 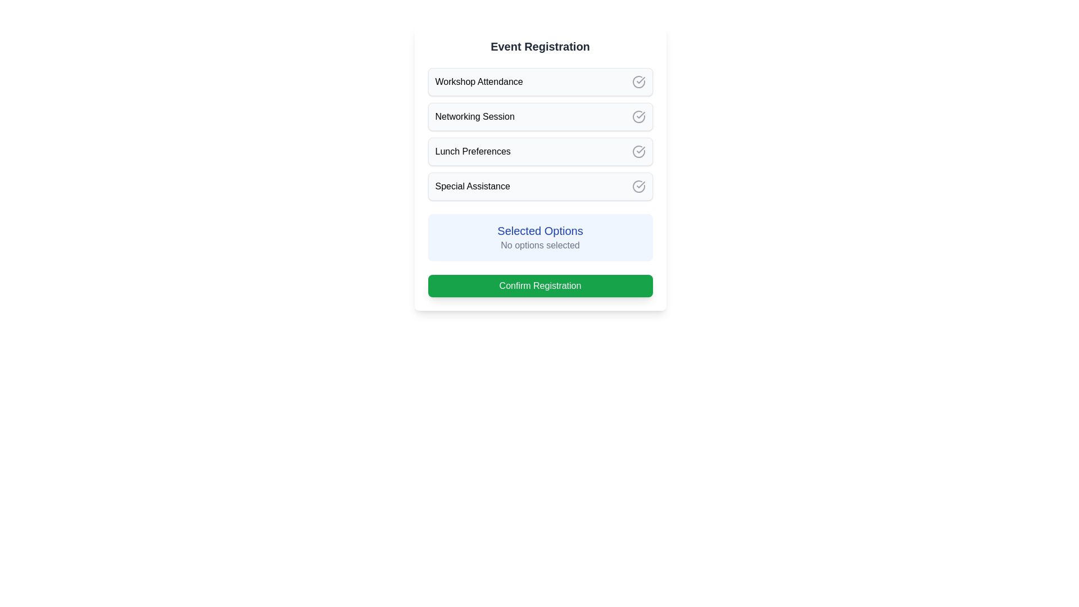 I want to click on the static text label indicating the user's lunch preferences, which is the third item in the list of options in the event registration form, located below 'Networking Session' and above 'Special Assistance', so click(x=473, y=152).